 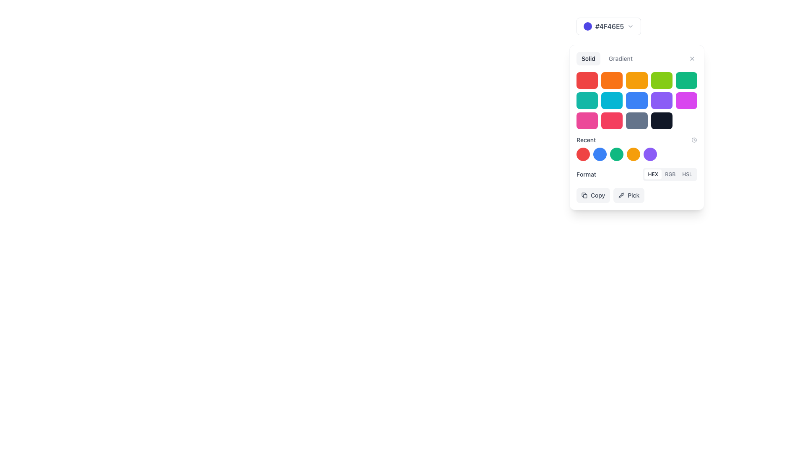 What do you see at coordinates (661, 100) in the screenshot?
I see `the interactive button representing the purple color in the color selector grid for accessibility navigation` at bounding box center [661, 100].